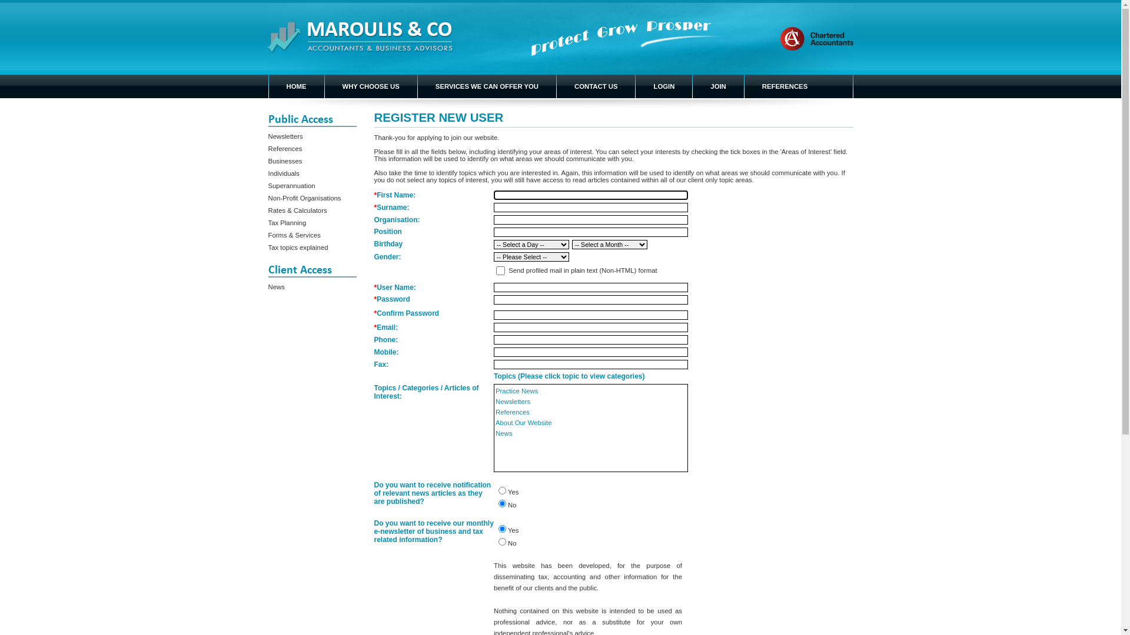 This screenshot has width=1130, height=635. Describe the element at coordinates (285, 148) in the screenshot. I see `'References'` at that location.